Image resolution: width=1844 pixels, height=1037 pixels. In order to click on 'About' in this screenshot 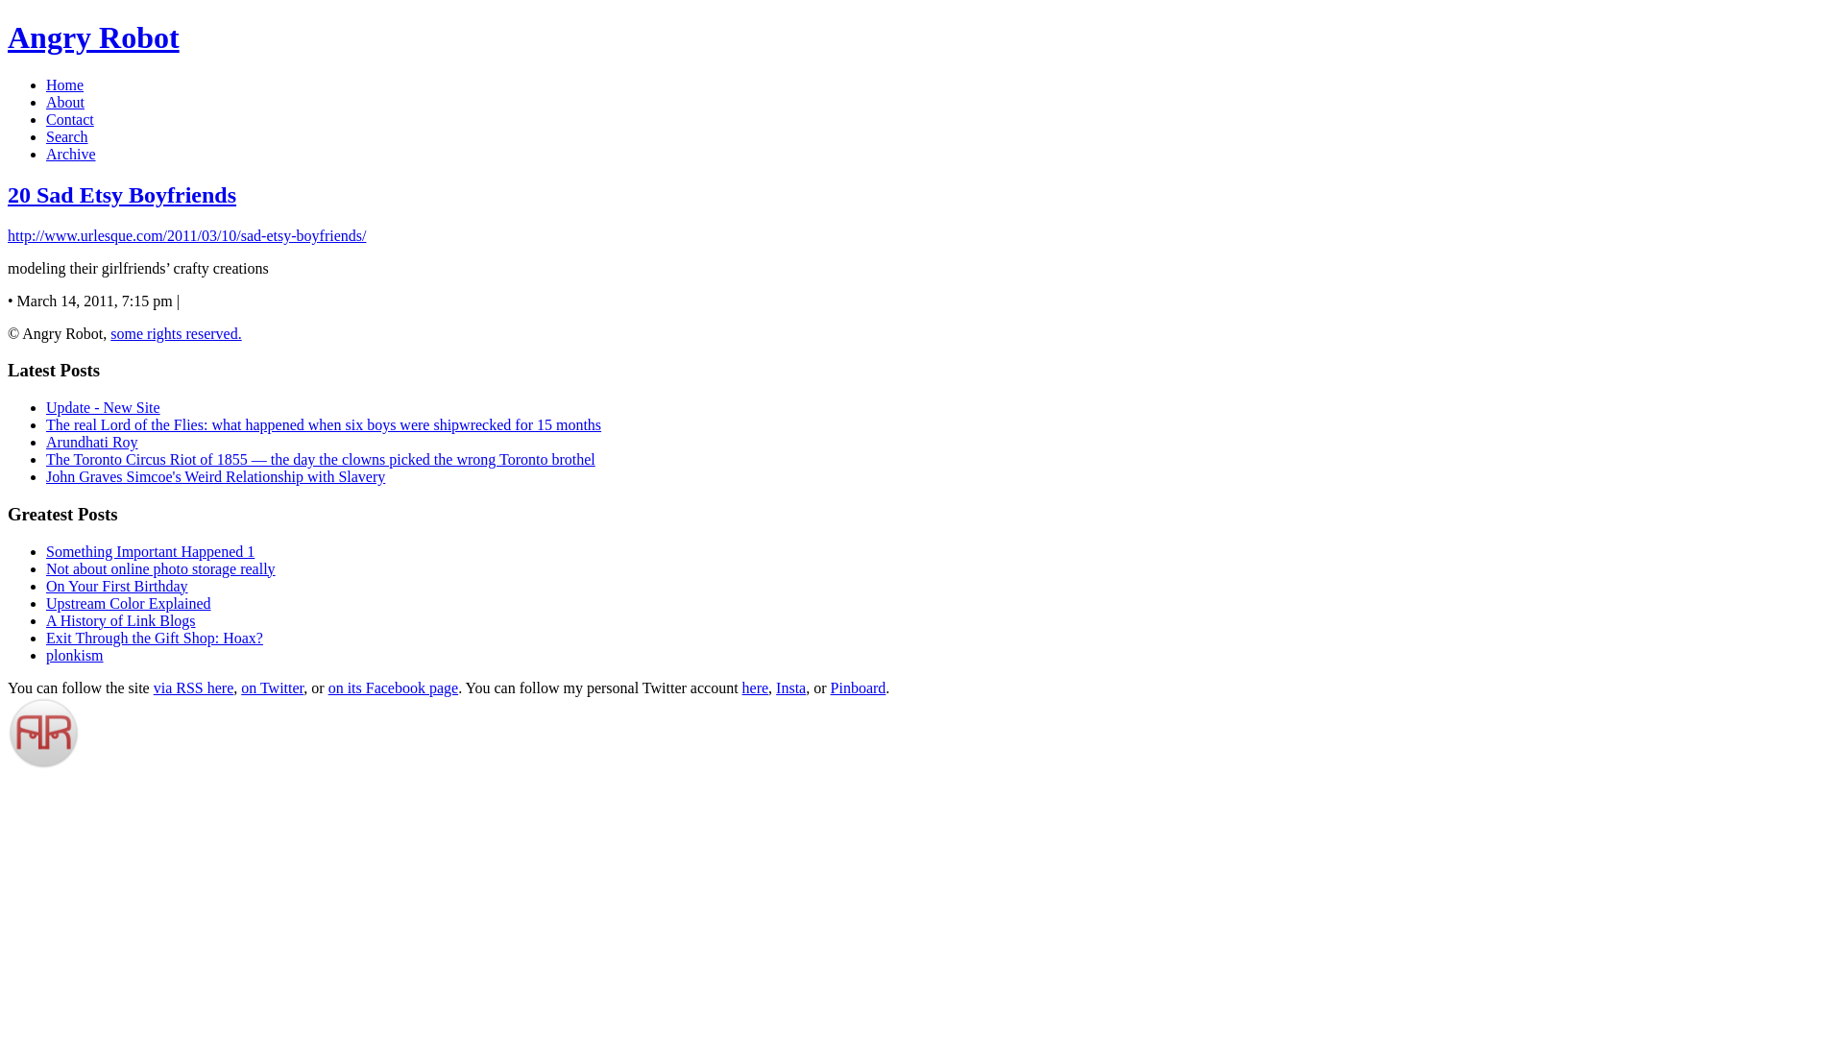, I will do `click(64, 102)`.